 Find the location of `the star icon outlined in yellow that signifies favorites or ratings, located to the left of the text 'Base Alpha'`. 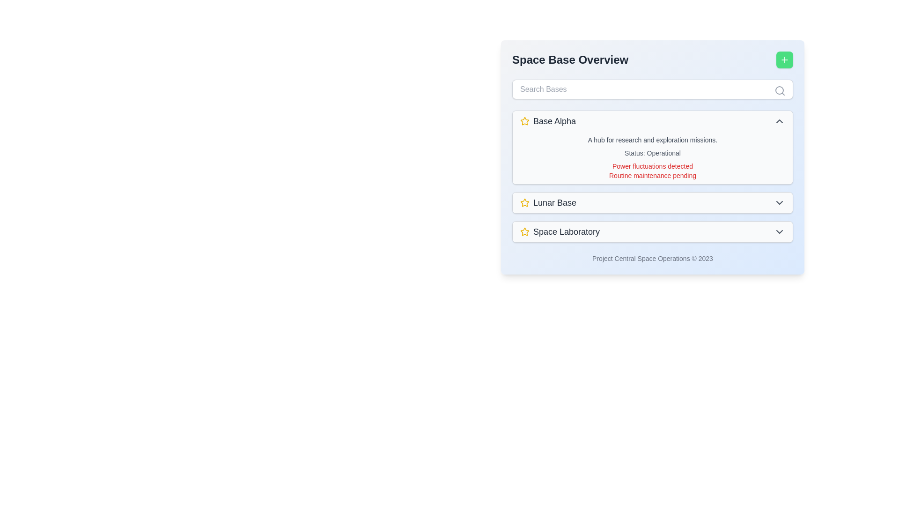

the star icon outlined in yellow that signifies favorites or ratings, located to the left of the text 'Base Alpha' is located at coordinates (525, 120).